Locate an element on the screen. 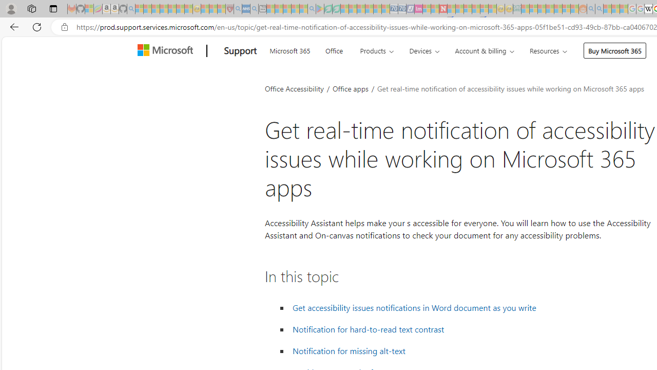 The height and width of the screenshot is (370, 657). 'Support' is located at coordinates (240, 51).